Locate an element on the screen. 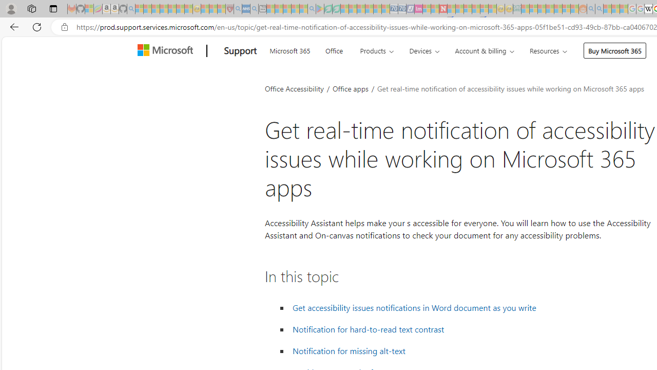 The height and width of the screenshot is (370, 657). 'Support' is located at coordinates (240, 51).